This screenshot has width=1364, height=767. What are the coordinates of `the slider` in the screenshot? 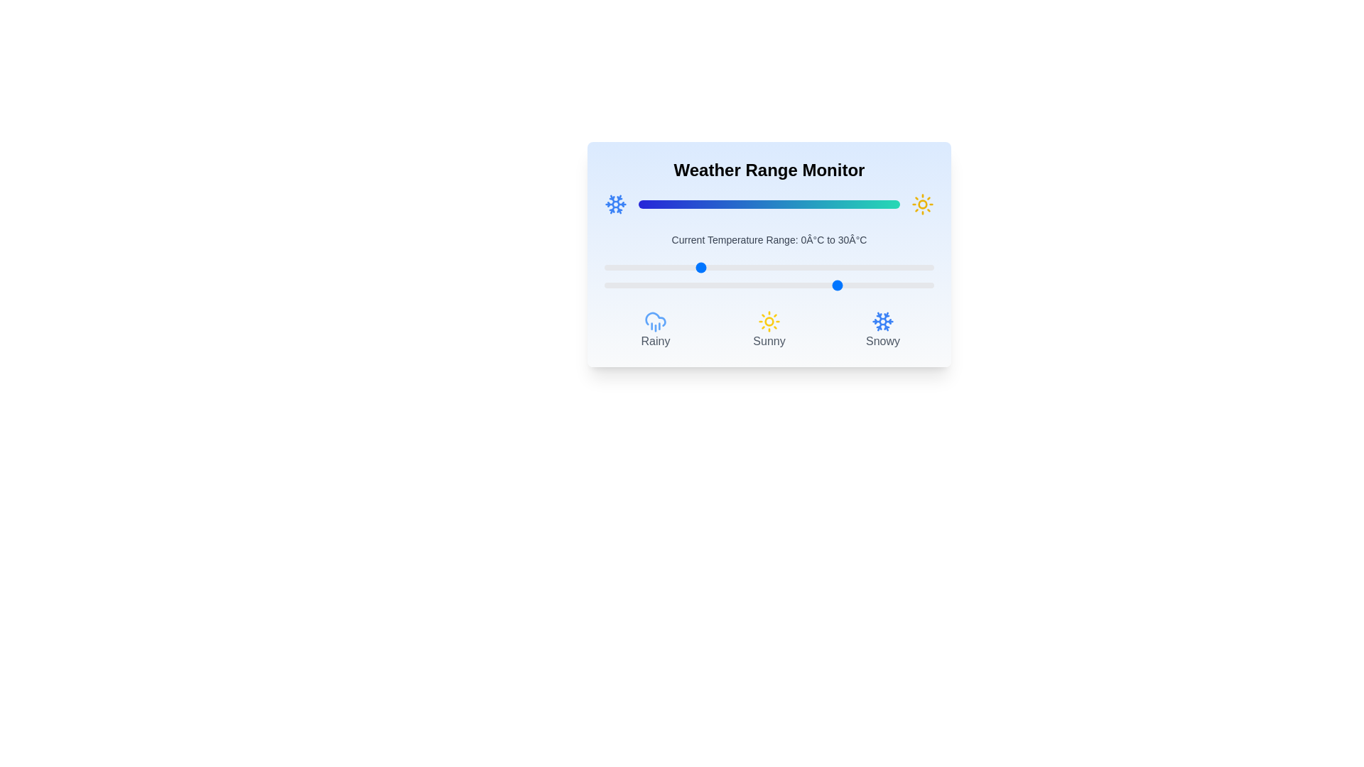 It's located at (618, 268).